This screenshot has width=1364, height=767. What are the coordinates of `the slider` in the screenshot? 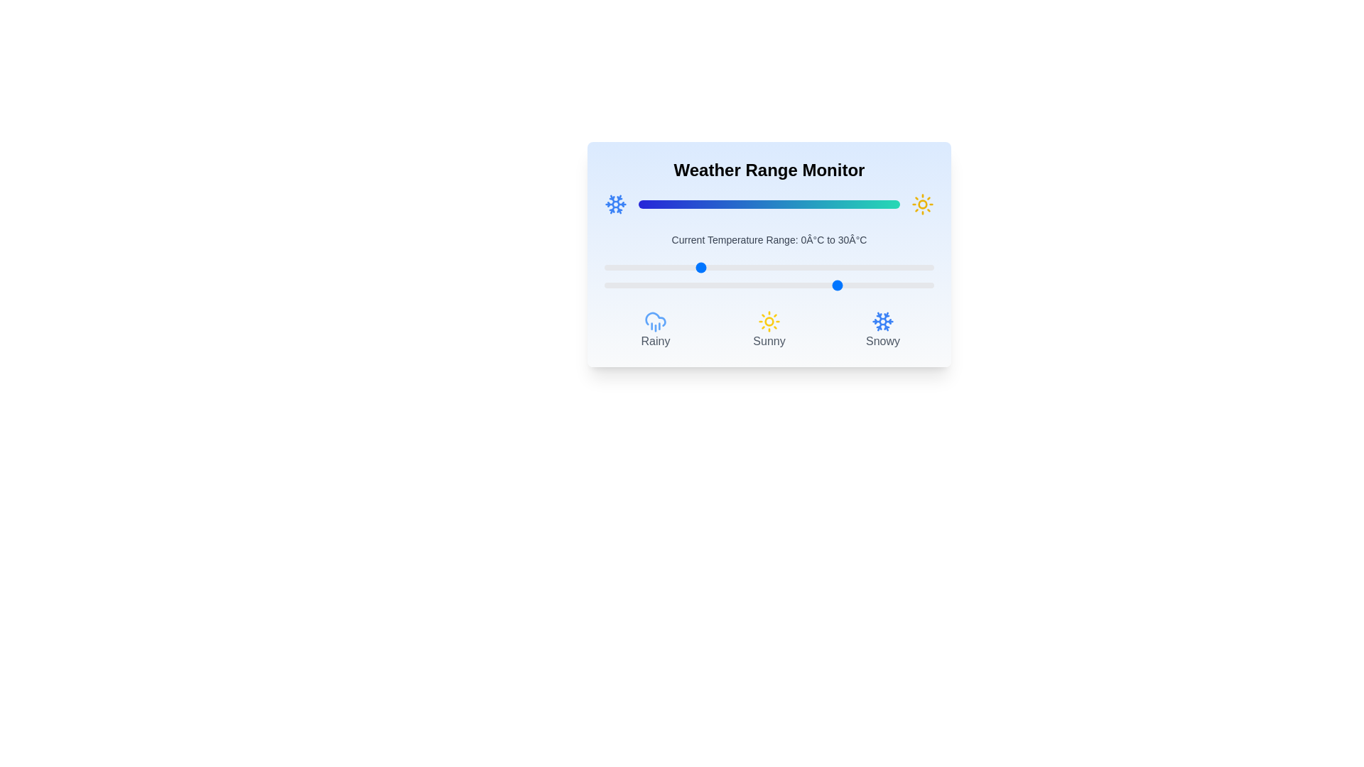 It's located at (618, 268).